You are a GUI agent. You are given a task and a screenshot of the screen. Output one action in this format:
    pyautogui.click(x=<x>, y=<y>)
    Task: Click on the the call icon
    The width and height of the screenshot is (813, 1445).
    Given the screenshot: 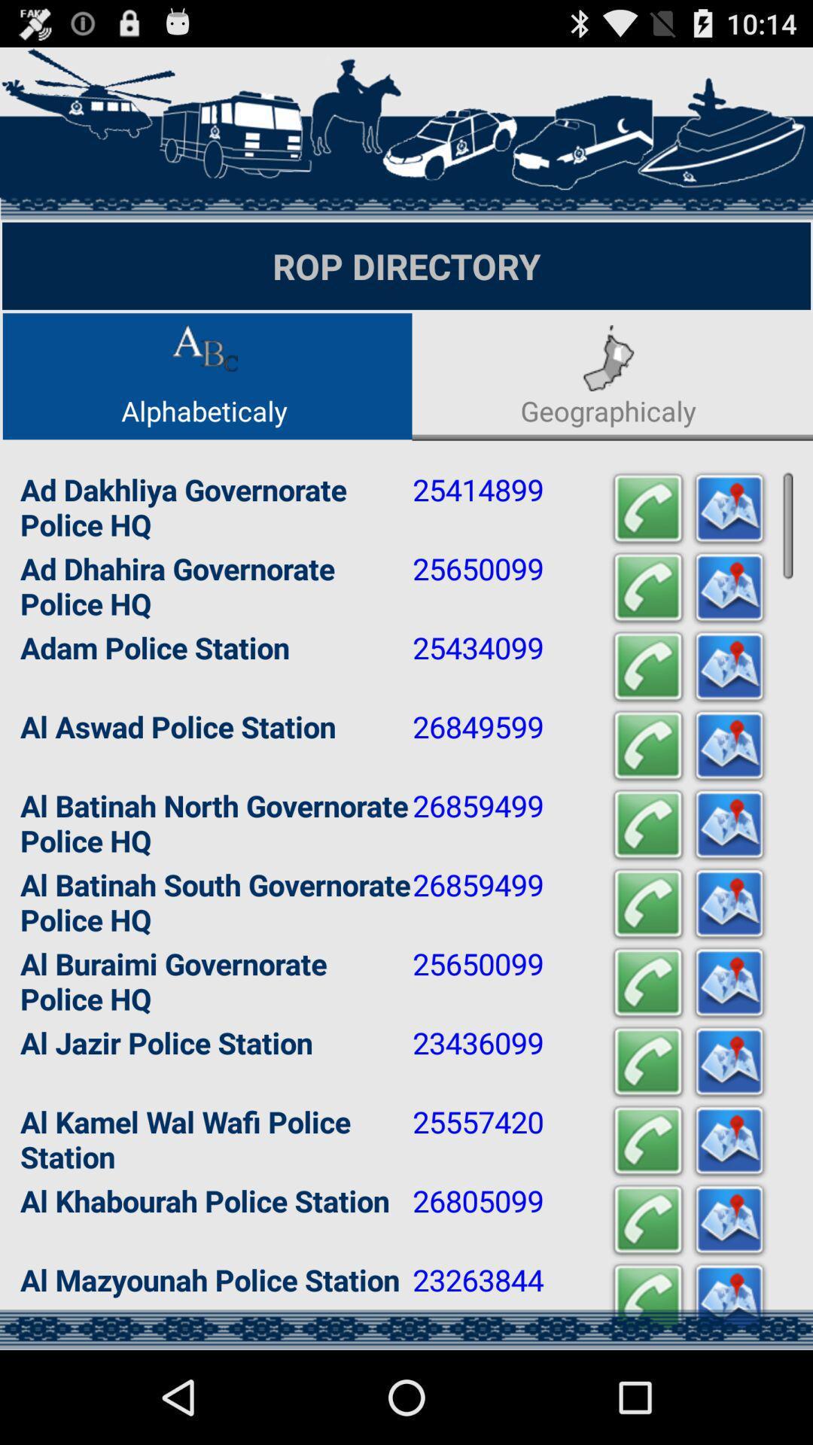 What is the action you would take?
    pyautogui.click(x=647, y=1136)
    